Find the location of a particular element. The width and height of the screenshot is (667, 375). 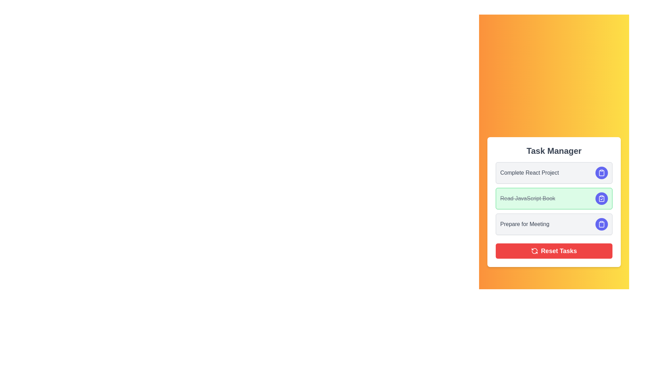

the refresh icon located to the left of the 'Reset Tasks' label within the prominent red button is located at coordinates (534, 251).